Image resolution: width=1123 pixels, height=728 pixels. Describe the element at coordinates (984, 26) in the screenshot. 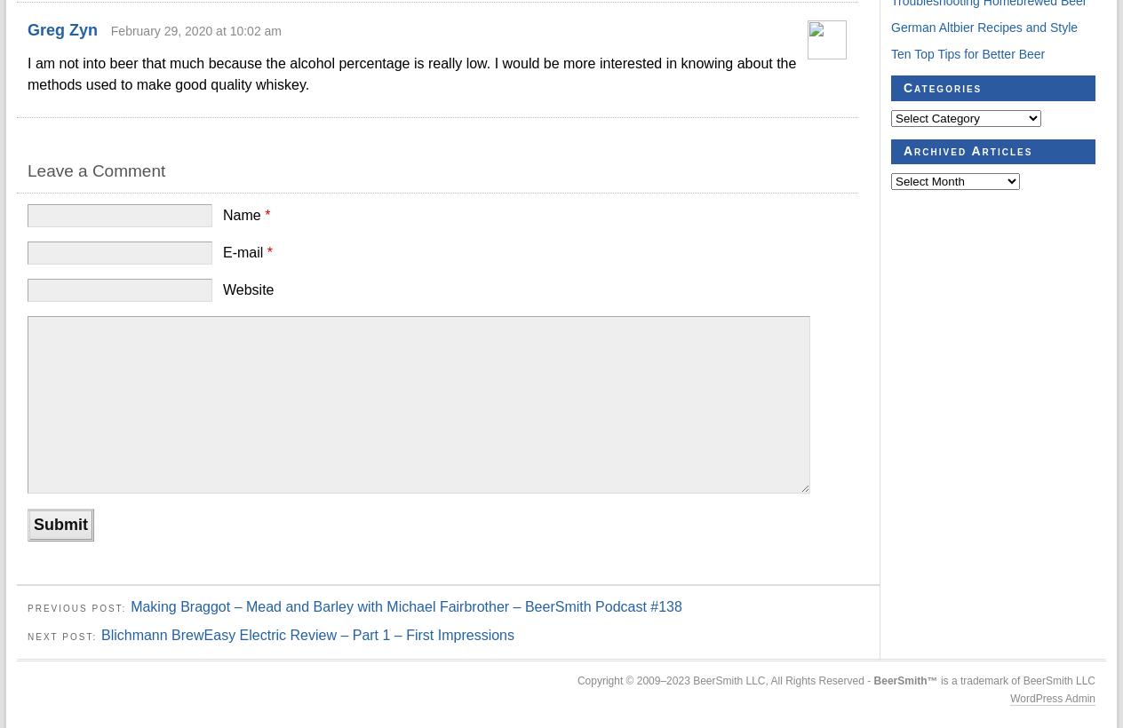

I see `'German Altbier Recipes and Style'` at that location.